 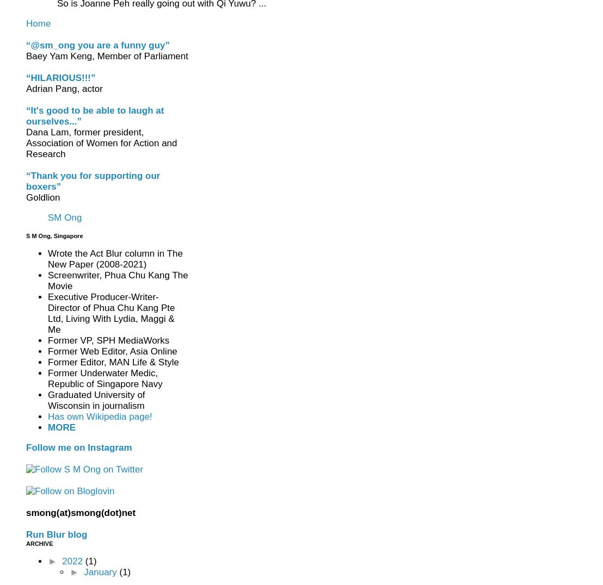 I want to click on 'S M Ong, Singapore', so click(x=54, y=235).